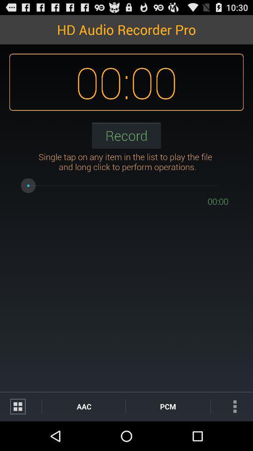  I want to click on item next to the pcm icon, so click(231, 406).